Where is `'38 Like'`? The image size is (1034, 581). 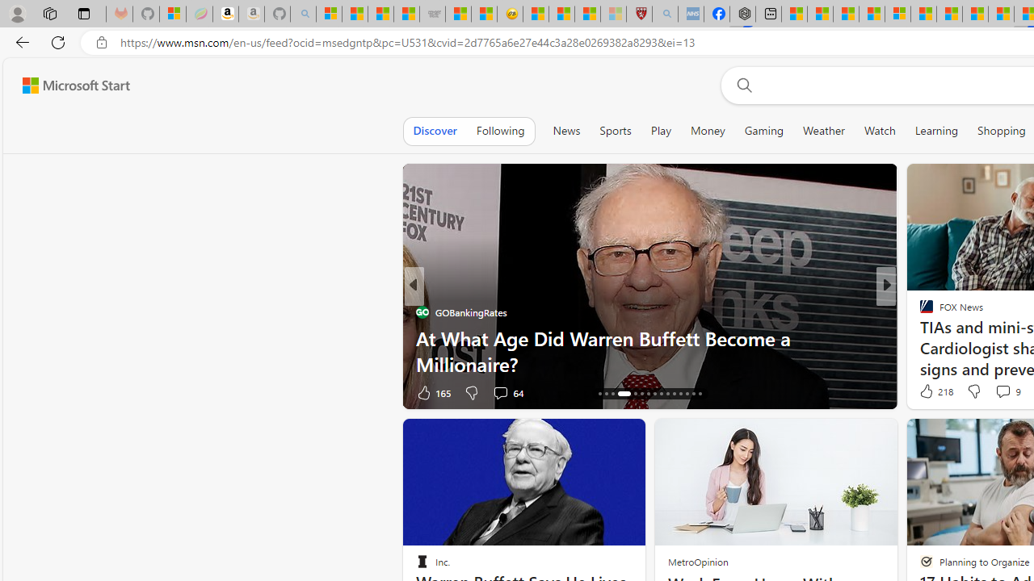 '38 Like' is located at coordinates (928, 392).